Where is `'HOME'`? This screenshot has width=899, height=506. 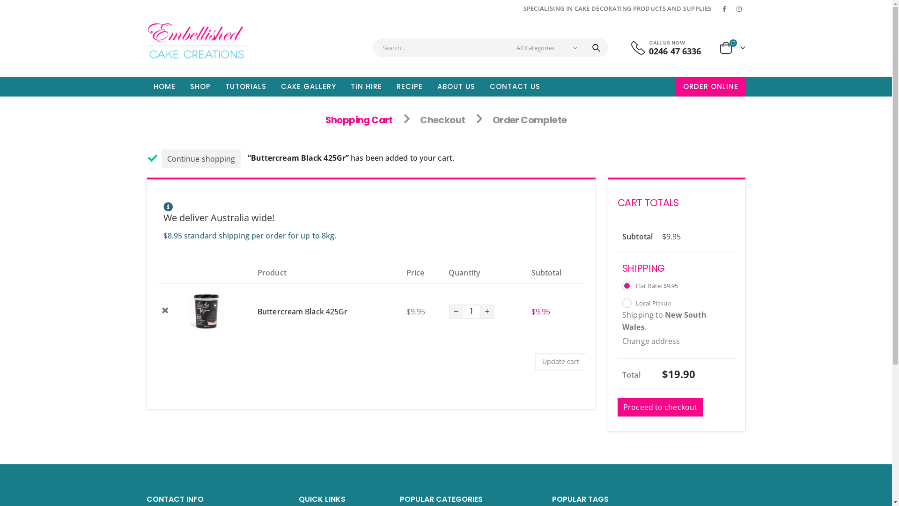 'HOME' is located at coordinates (164, 87).